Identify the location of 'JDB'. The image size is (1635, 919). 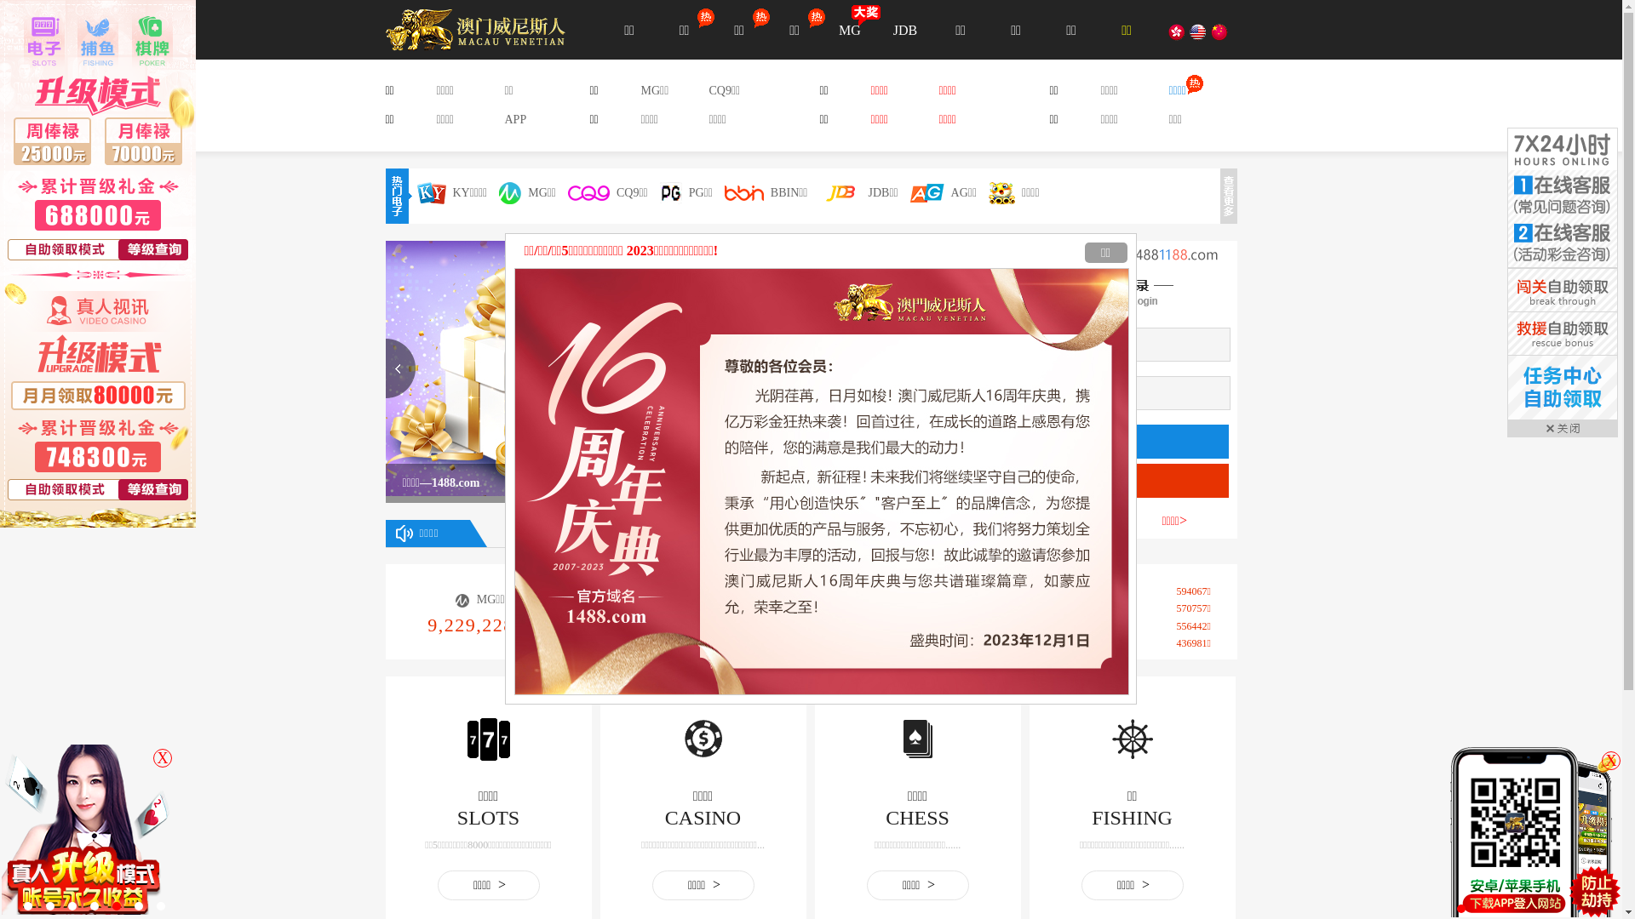
(904, 29).